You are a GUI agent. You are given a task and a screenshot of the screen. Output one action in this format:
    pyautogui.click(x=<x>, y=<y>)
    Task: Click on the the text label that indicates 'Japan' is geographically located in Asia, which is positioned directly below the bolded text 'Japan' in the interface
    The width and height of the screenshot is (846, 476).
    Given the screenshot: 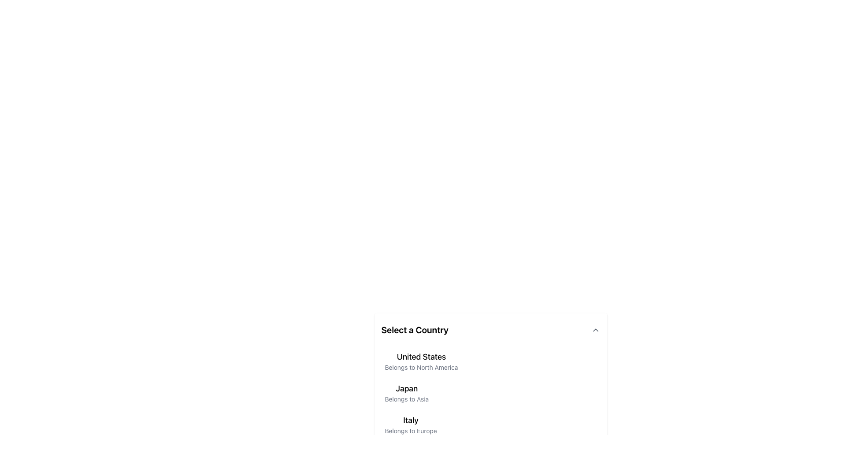 What is the action you would take?
    pyautogui.click(x=406, y=399)
    